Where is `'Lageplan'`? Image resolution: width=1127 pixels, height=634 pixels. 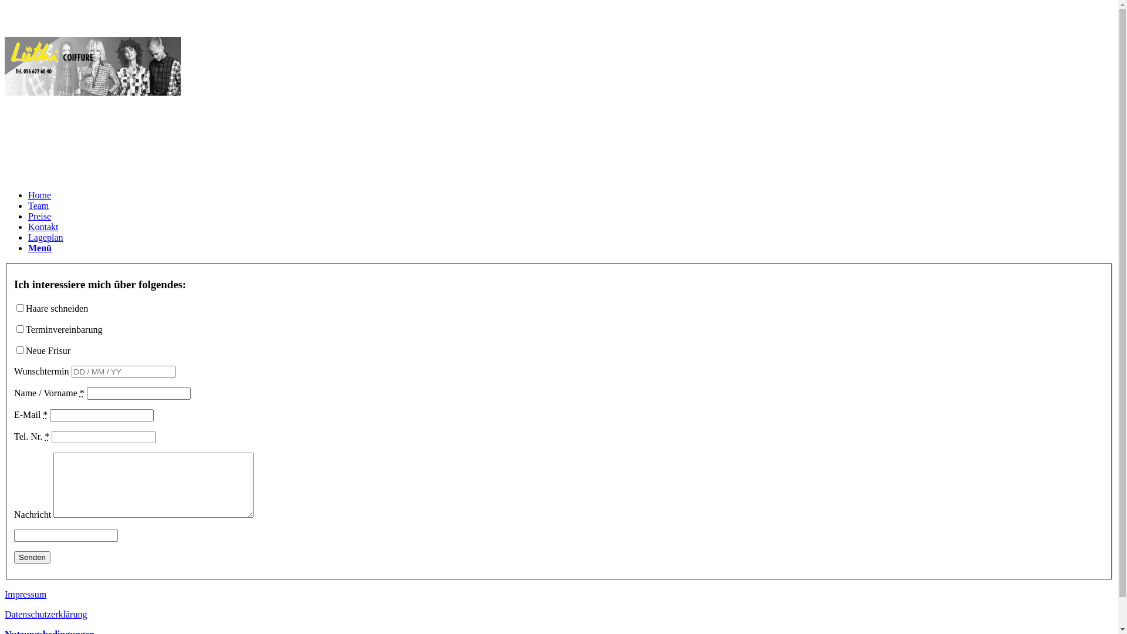 'Lageplan' is located at coordinates (45, 237).